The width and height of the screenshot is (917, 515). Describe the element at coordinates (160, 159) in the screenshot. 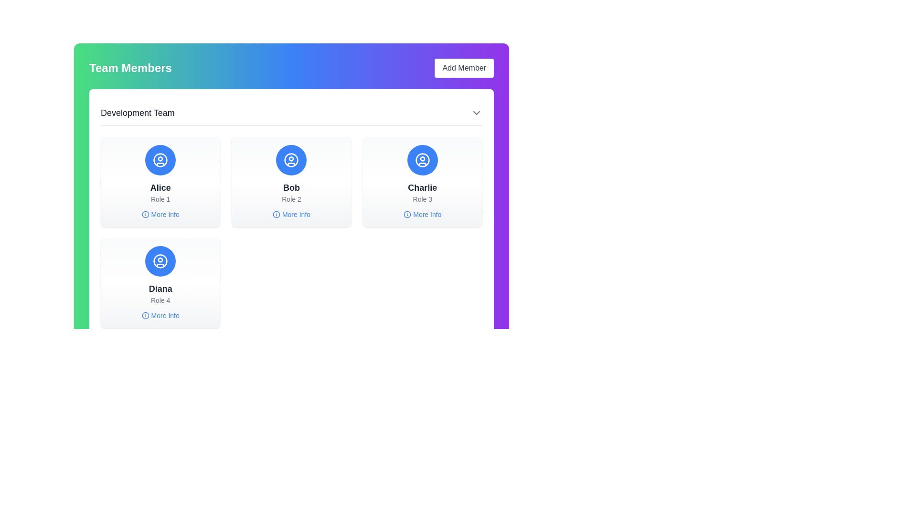

I see `the primary icon representing the user profile within the 'Alice, Role 1' card in the 'Development Team' section` at that location.